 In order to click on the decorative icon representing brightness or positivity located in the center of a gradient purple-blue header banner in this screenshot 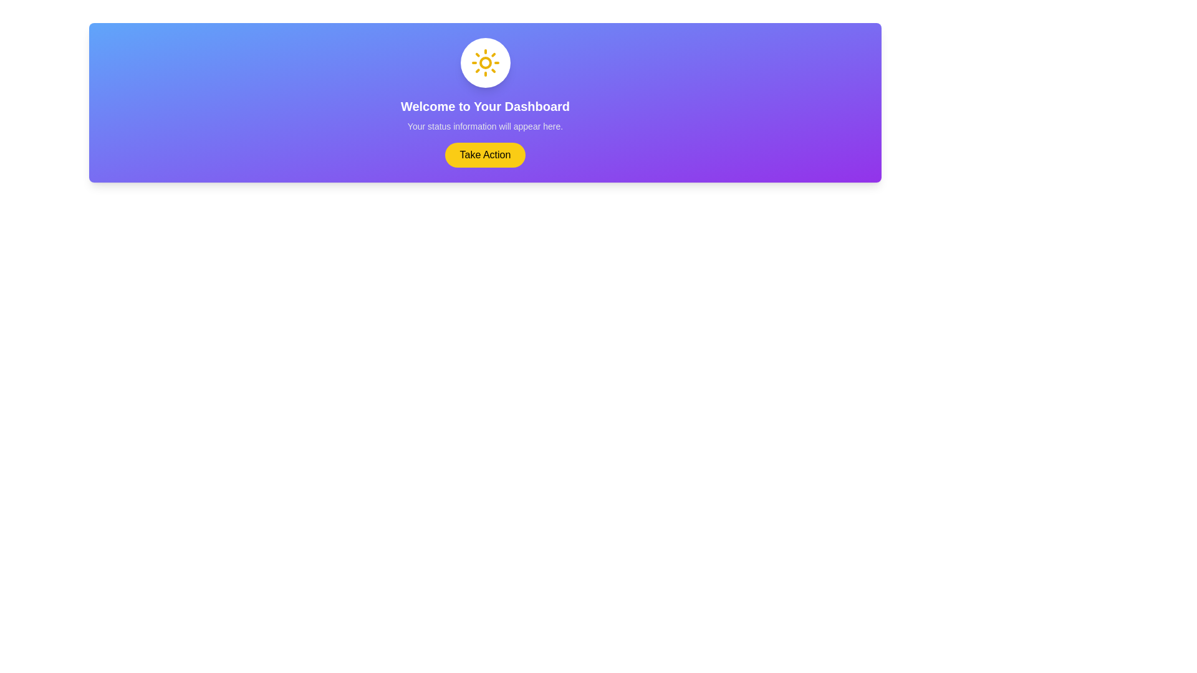, I will do `click(484, 62)`.